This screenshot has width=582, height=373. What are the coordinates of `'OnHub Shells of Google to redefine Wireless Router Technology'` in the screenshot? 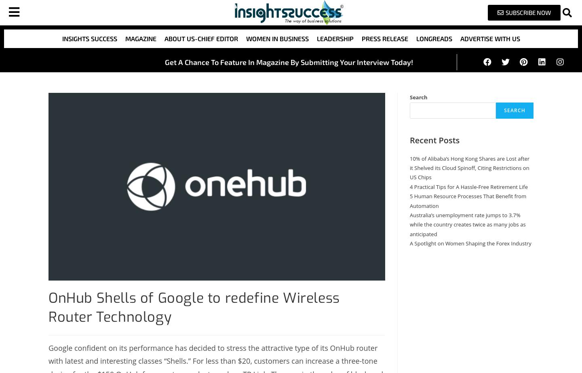 It's located at (194, 307).